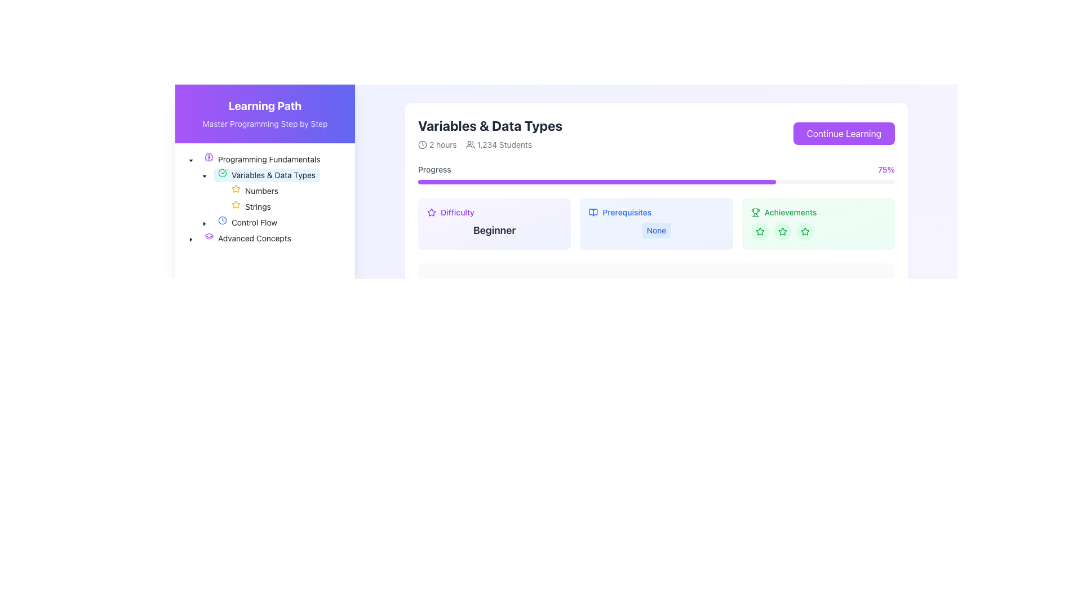  I want to click on the static text label displaying the word 'Progress', which is located to the left of the '75%' percentage indication in the progress-related section, so click(434, 169).